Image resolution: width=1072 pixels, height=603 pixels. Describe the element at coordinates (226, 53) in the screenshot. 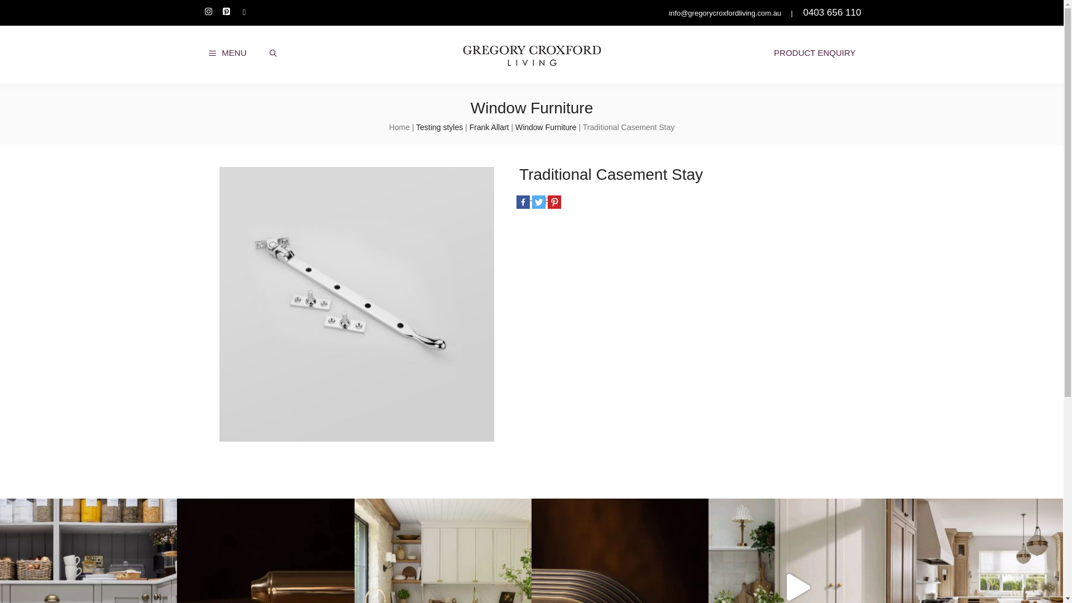

I see `'MENU'` at that location.